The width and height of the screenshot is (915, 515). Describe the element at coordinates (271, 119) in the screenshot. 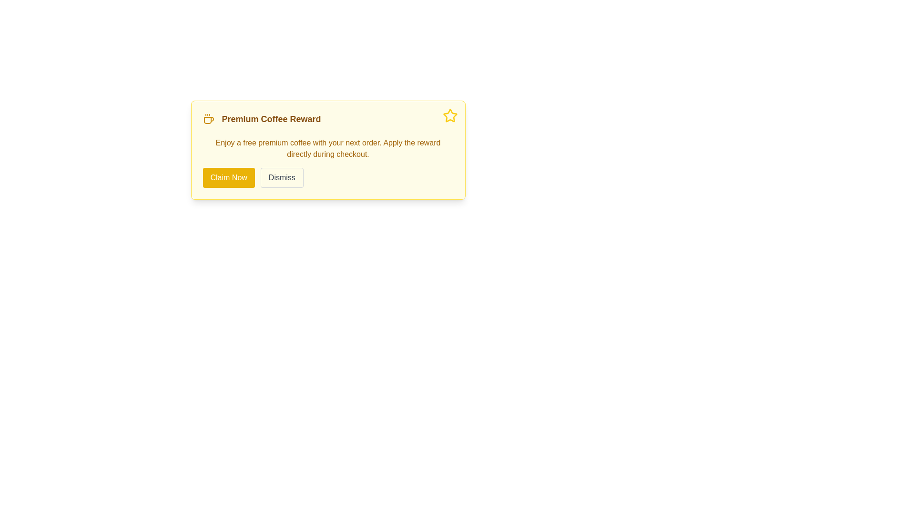

I see `the static text element that serves as the heading for the 'Premium Coffee Reward' notification offer, positioned in the upper region of the notification panel` at that location.